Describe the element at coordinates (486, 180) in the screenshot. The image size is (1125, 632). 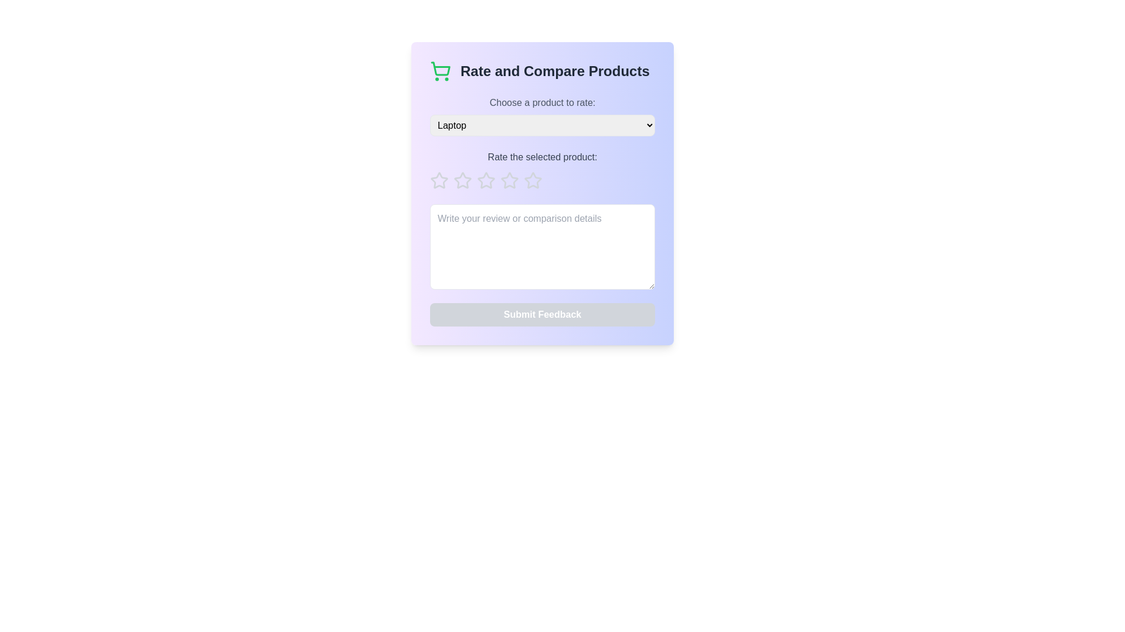
I see `the second star rating button in the product review section using keyboard navigation` at that location.